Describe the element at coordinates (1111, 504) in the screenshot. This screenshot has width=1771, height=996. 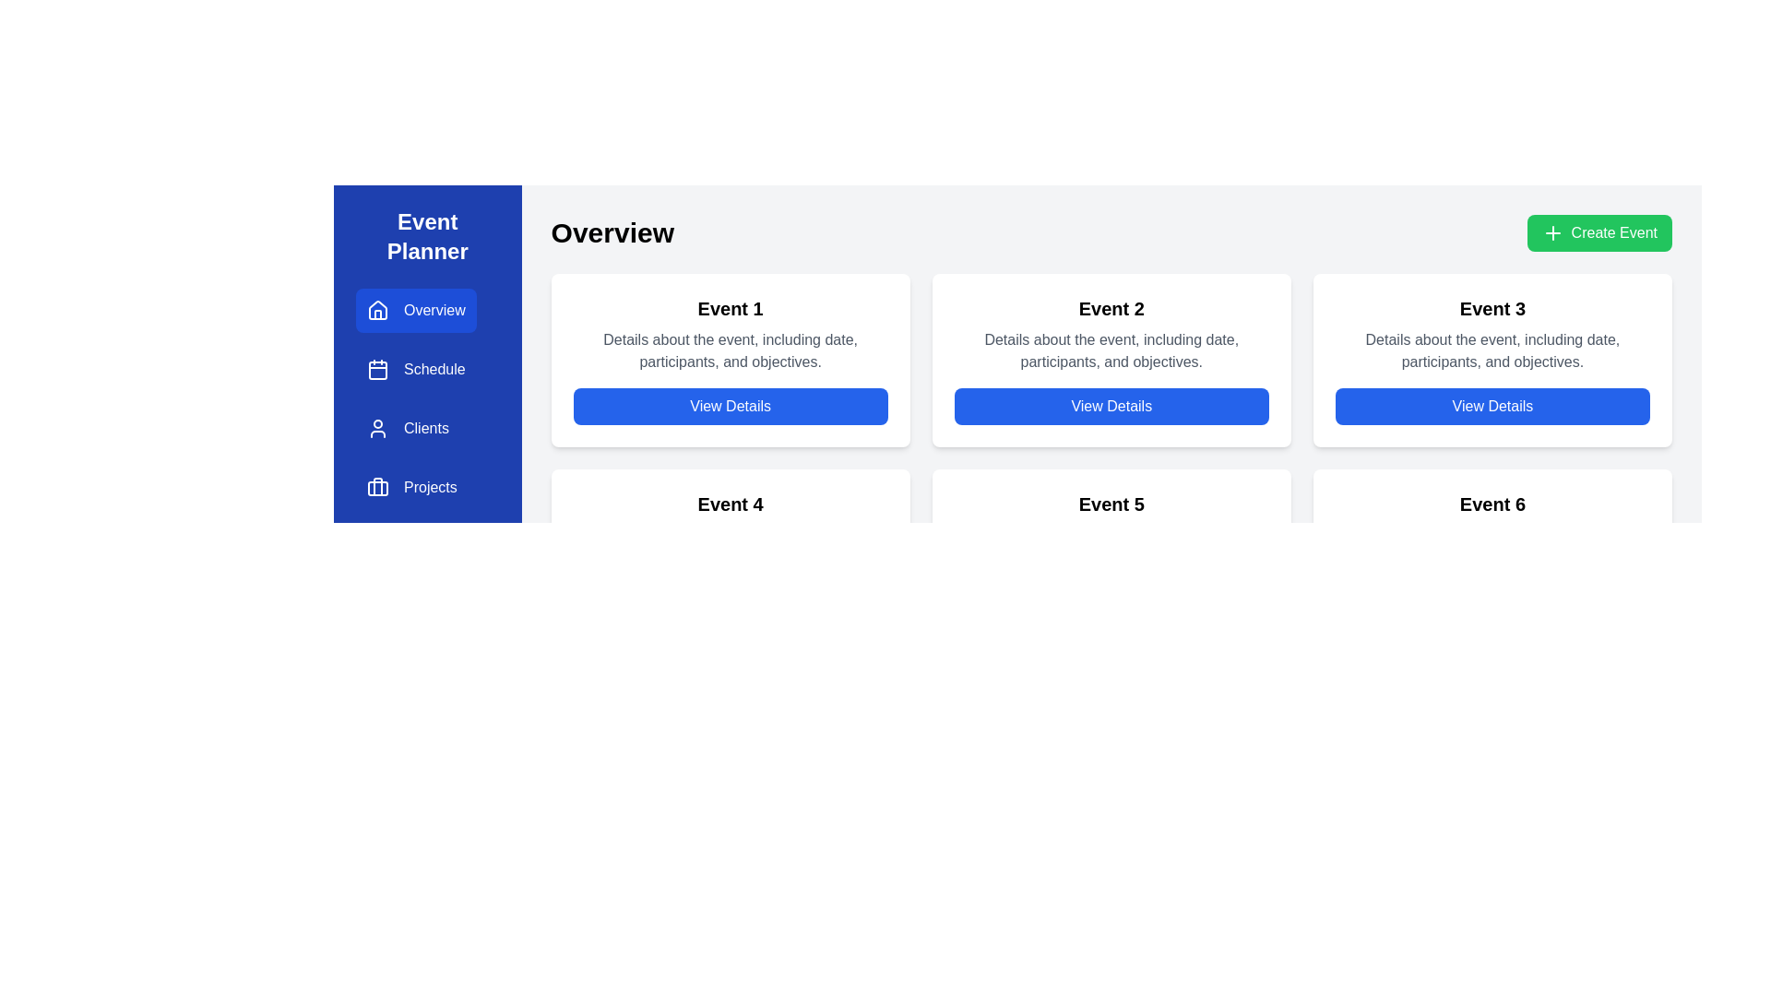
I see `the title text label for 'Event 5' located in the second row and third column of the event card grid` at that location.